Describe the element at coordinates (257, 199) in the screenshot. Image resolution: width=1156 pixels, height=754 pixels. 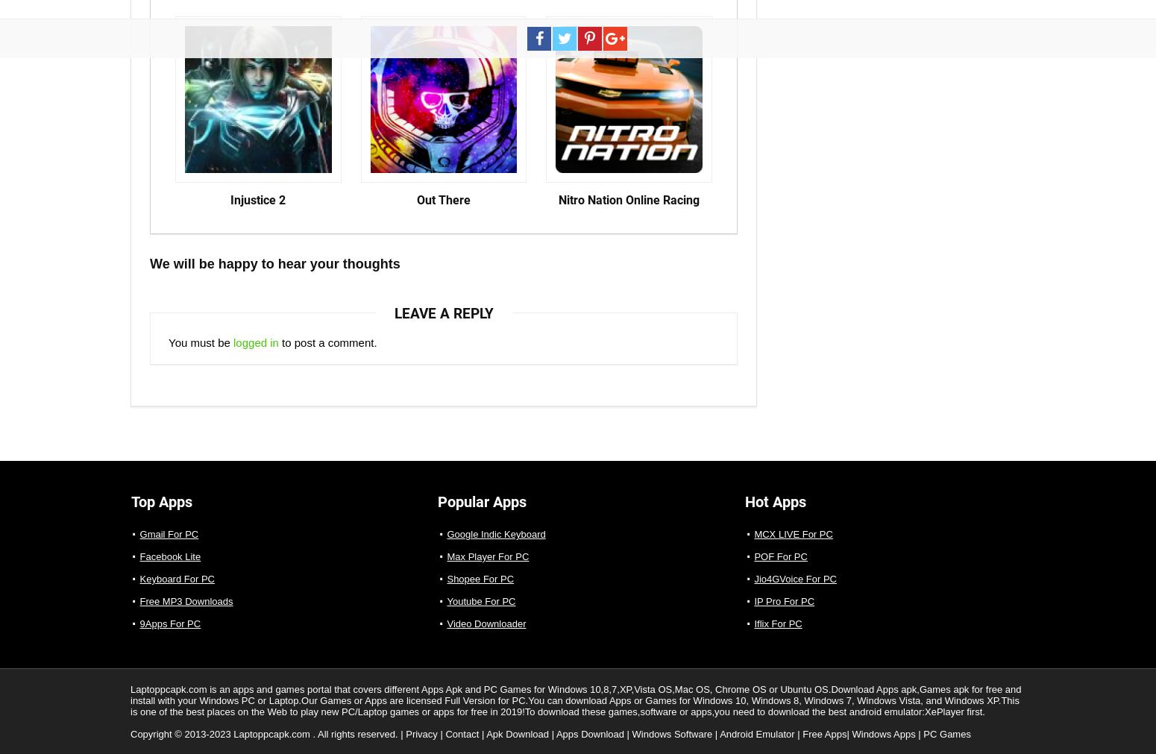
I see `'Injustice 2'` at that location.